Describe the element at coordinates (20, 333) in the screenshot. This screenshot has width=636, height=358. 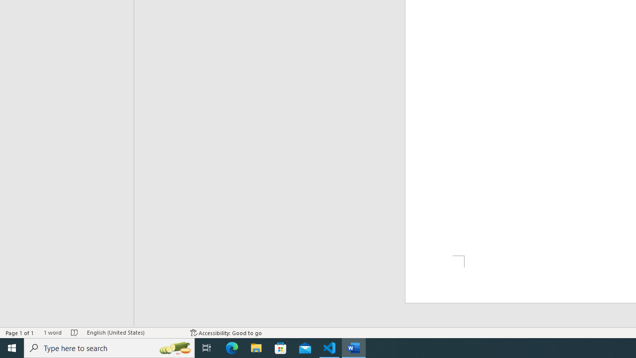
I see `'Page Number Page 1 of 1'` at that location.